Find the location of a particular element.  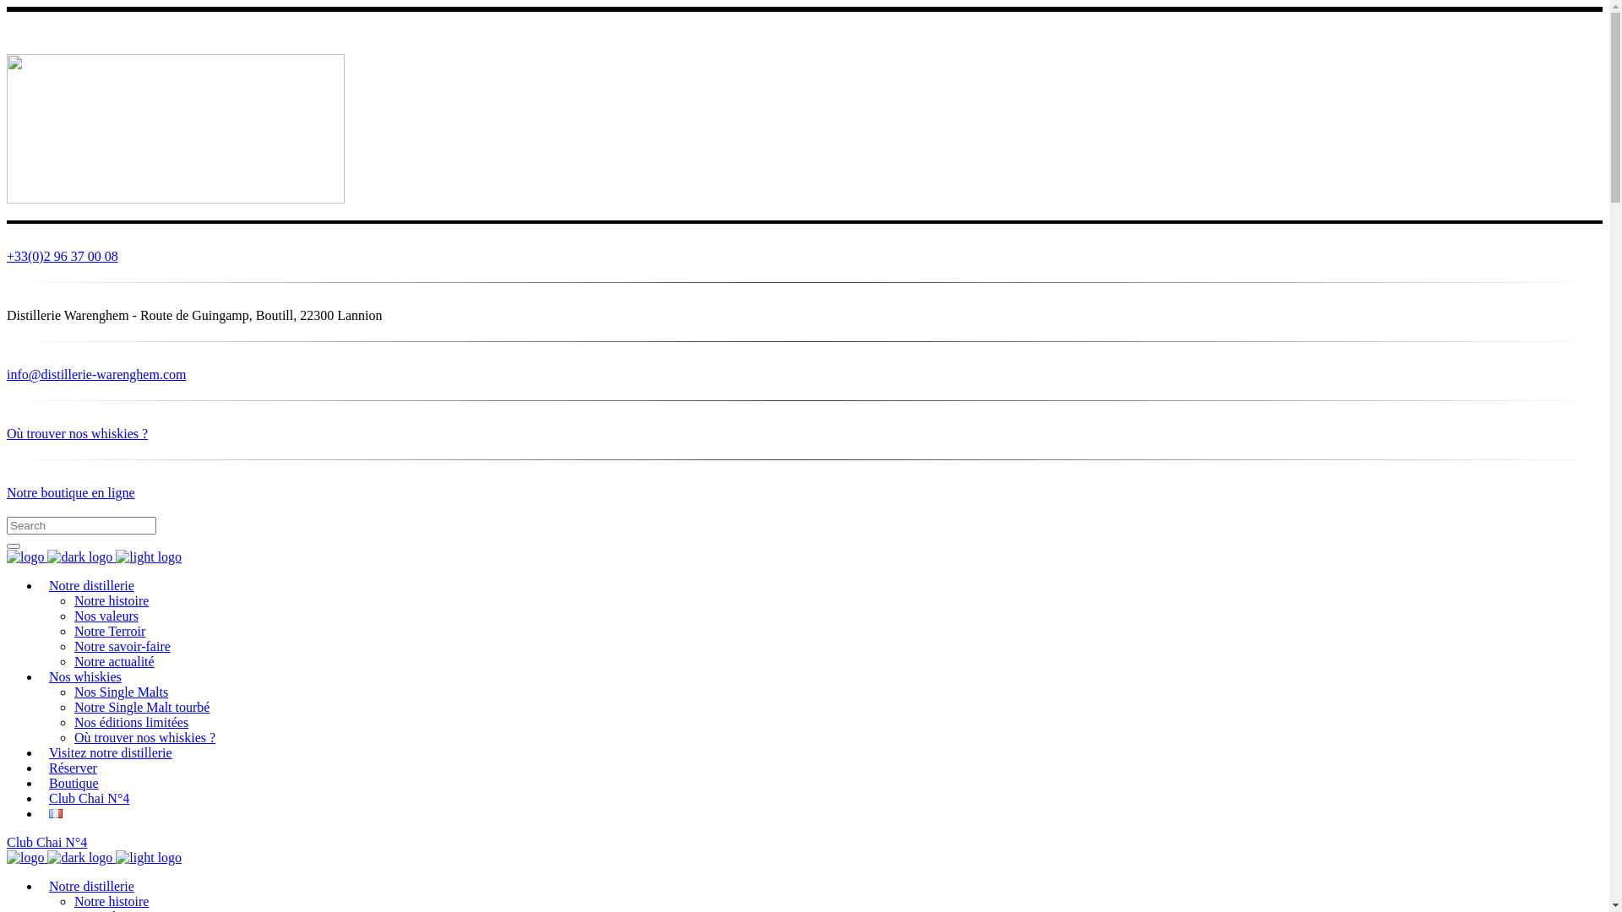

'Visitez notre distillerie' is located at coordinates (109, 752).